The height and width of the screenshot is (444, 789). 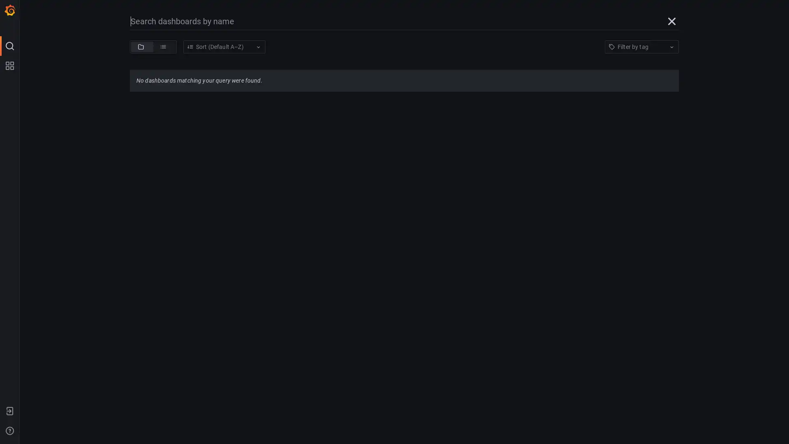 I want to click on Refresh dashboard, so click(x=743, y=13).